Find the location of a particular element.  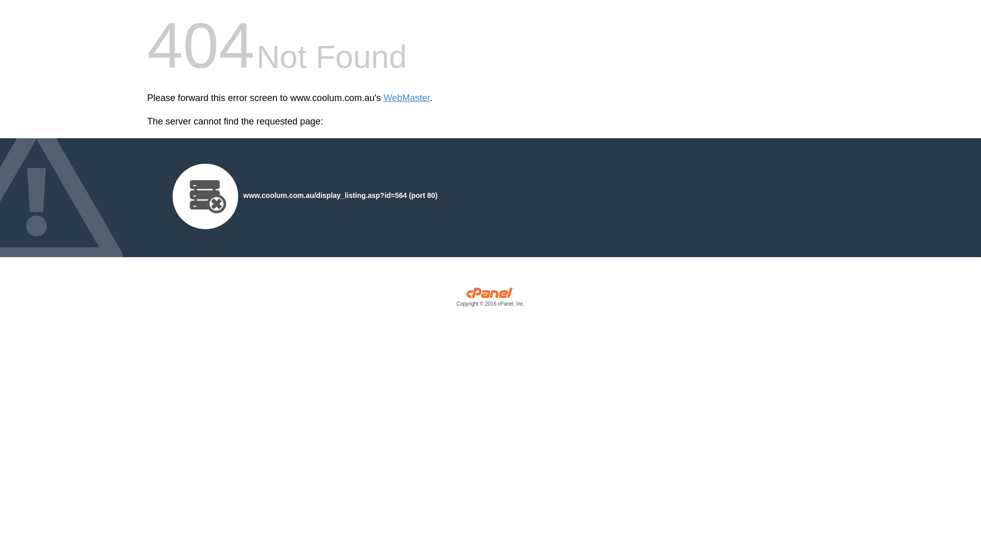

'WebMaster' is located at coordinates (406, 98).